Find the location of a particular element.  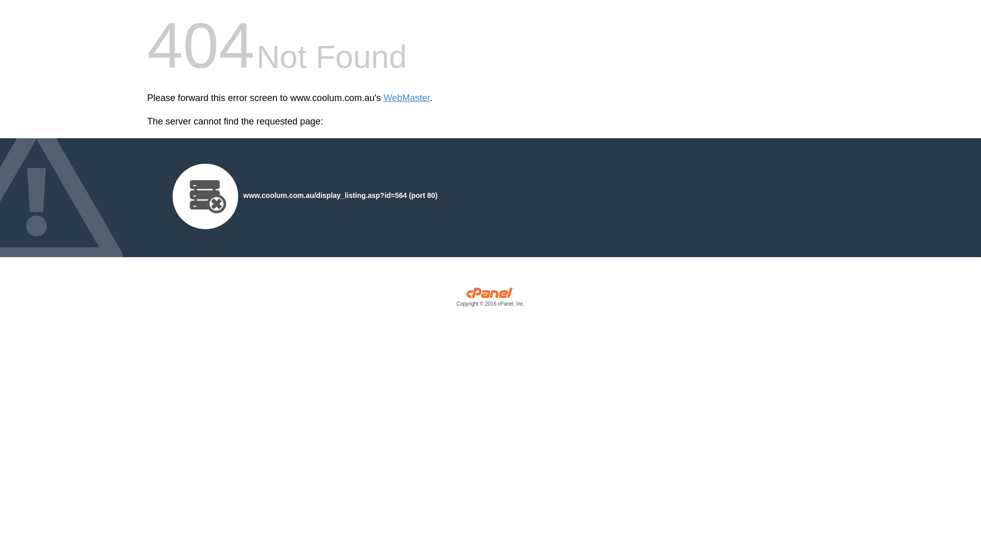

'WebMaster' is located at coordinates (406, 98).